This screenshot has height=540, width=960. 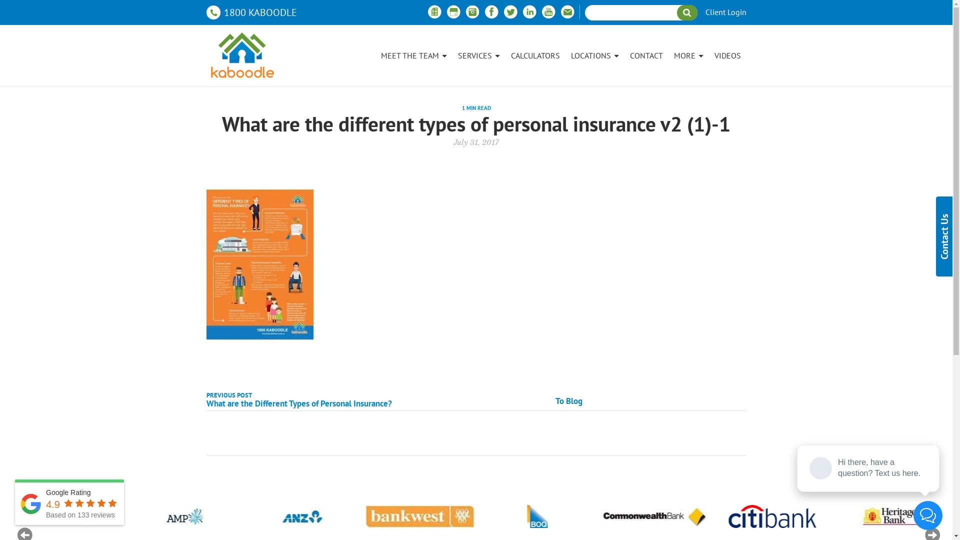 I want to click on 'To Blog', so click(x=554, y=400).